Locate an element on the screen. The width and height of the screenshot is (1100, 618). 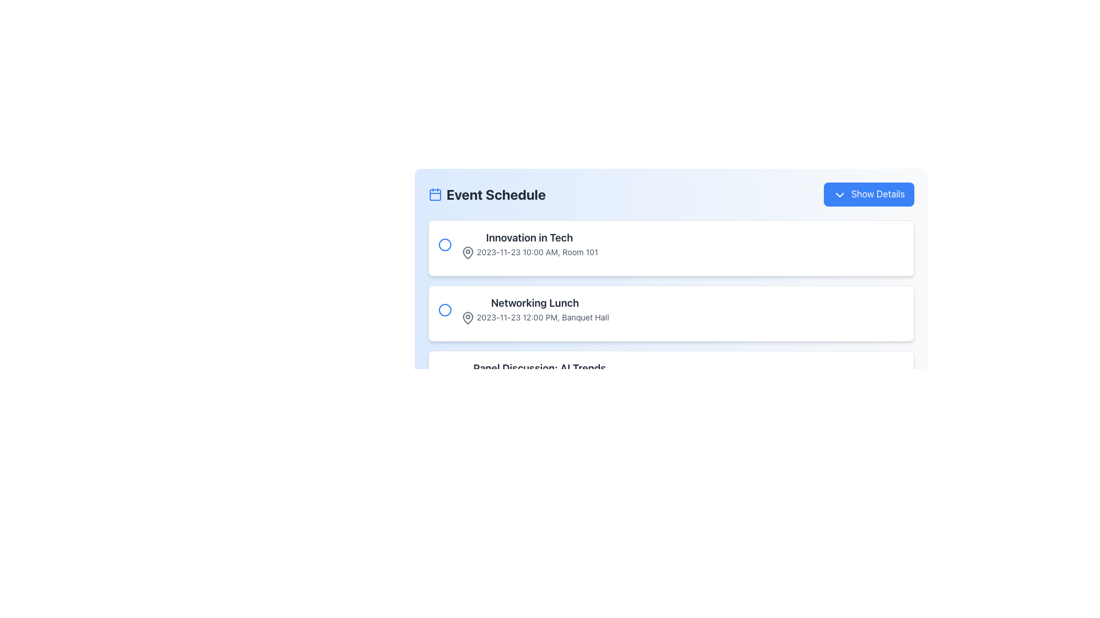
the title 'Event Schedule' and calendar icon located in the Header Section at the top of the event schedule panel is located at coordinates (671, 193).